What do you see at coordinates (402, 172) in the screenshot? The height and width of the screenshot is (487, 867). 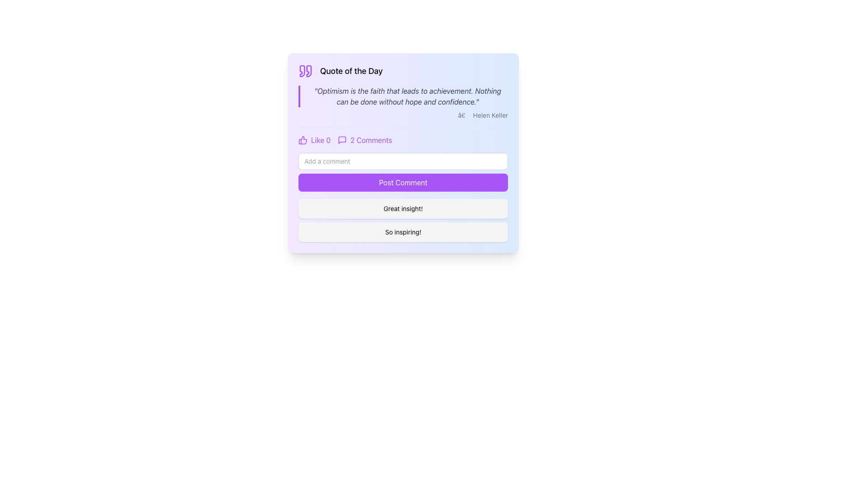 I see `the submit button located at the bottom of the comment section` at bounding box center [402, 172].